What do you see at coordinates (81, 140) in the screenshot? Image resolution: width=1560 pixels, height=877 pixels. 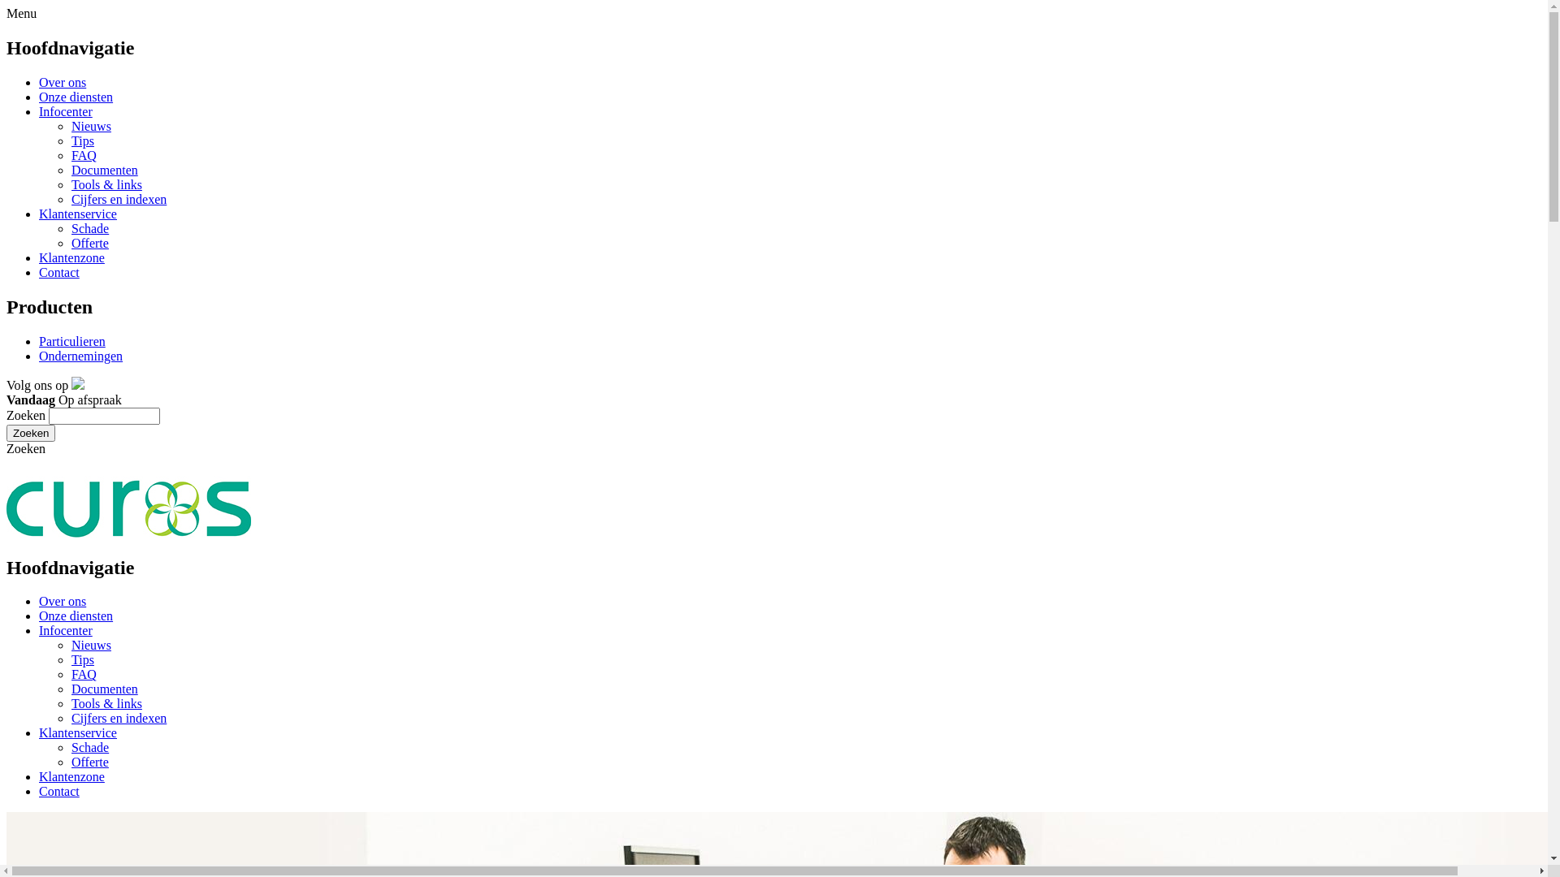 I see `'Tips'` at bounding box center [81, 140].